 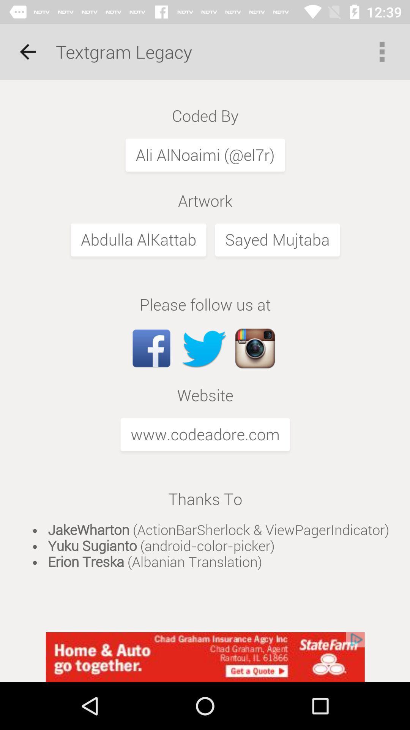 I want to click on scroll website, so click(x=205, y=355).